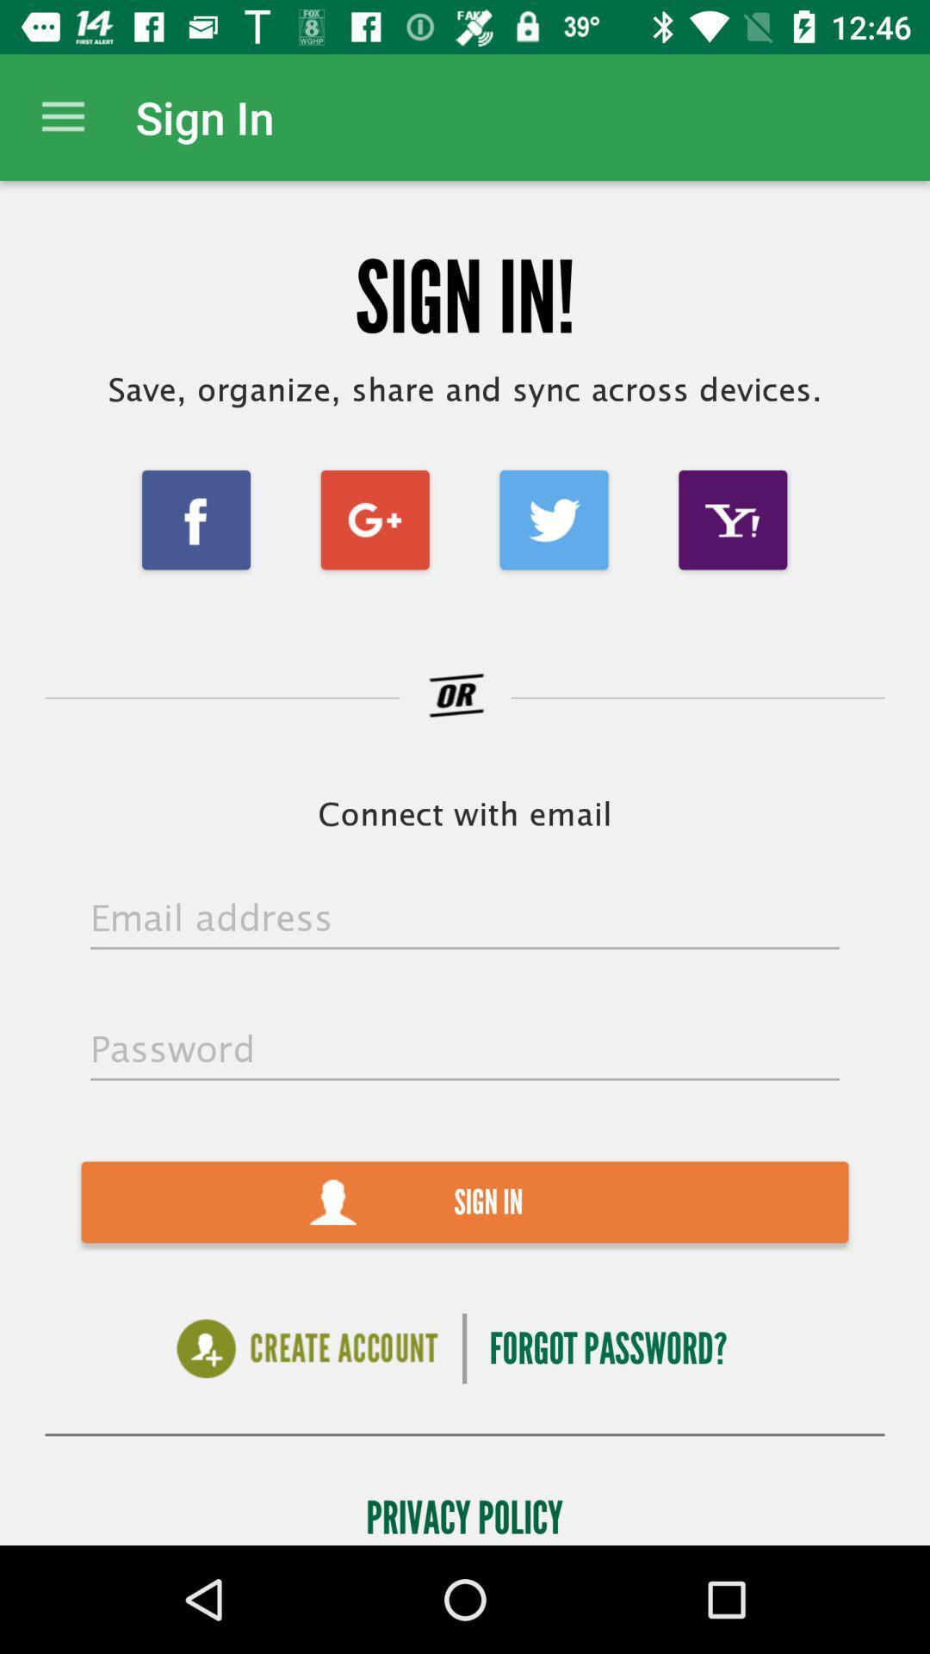 This screenshot has width=930, height=1654. I want to click on the icon at the bottom left corner, so click(307, 1347).